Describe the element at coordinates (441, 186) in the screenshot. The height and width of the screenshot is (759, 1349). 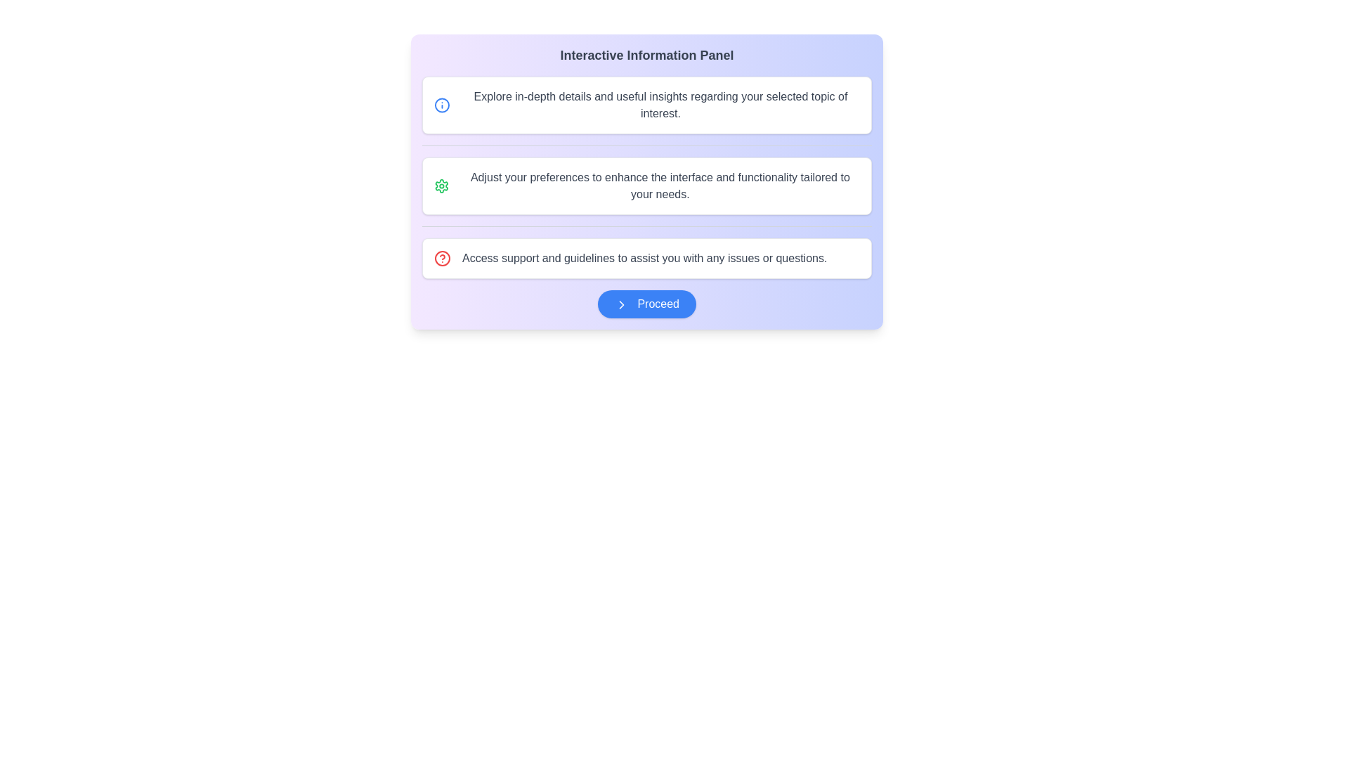
I see `the settings icon located in the second option panel, positioned to the left of the text 'Adjust your preferences to enhance the interface and functionality tailored to your needs.'` at that location.